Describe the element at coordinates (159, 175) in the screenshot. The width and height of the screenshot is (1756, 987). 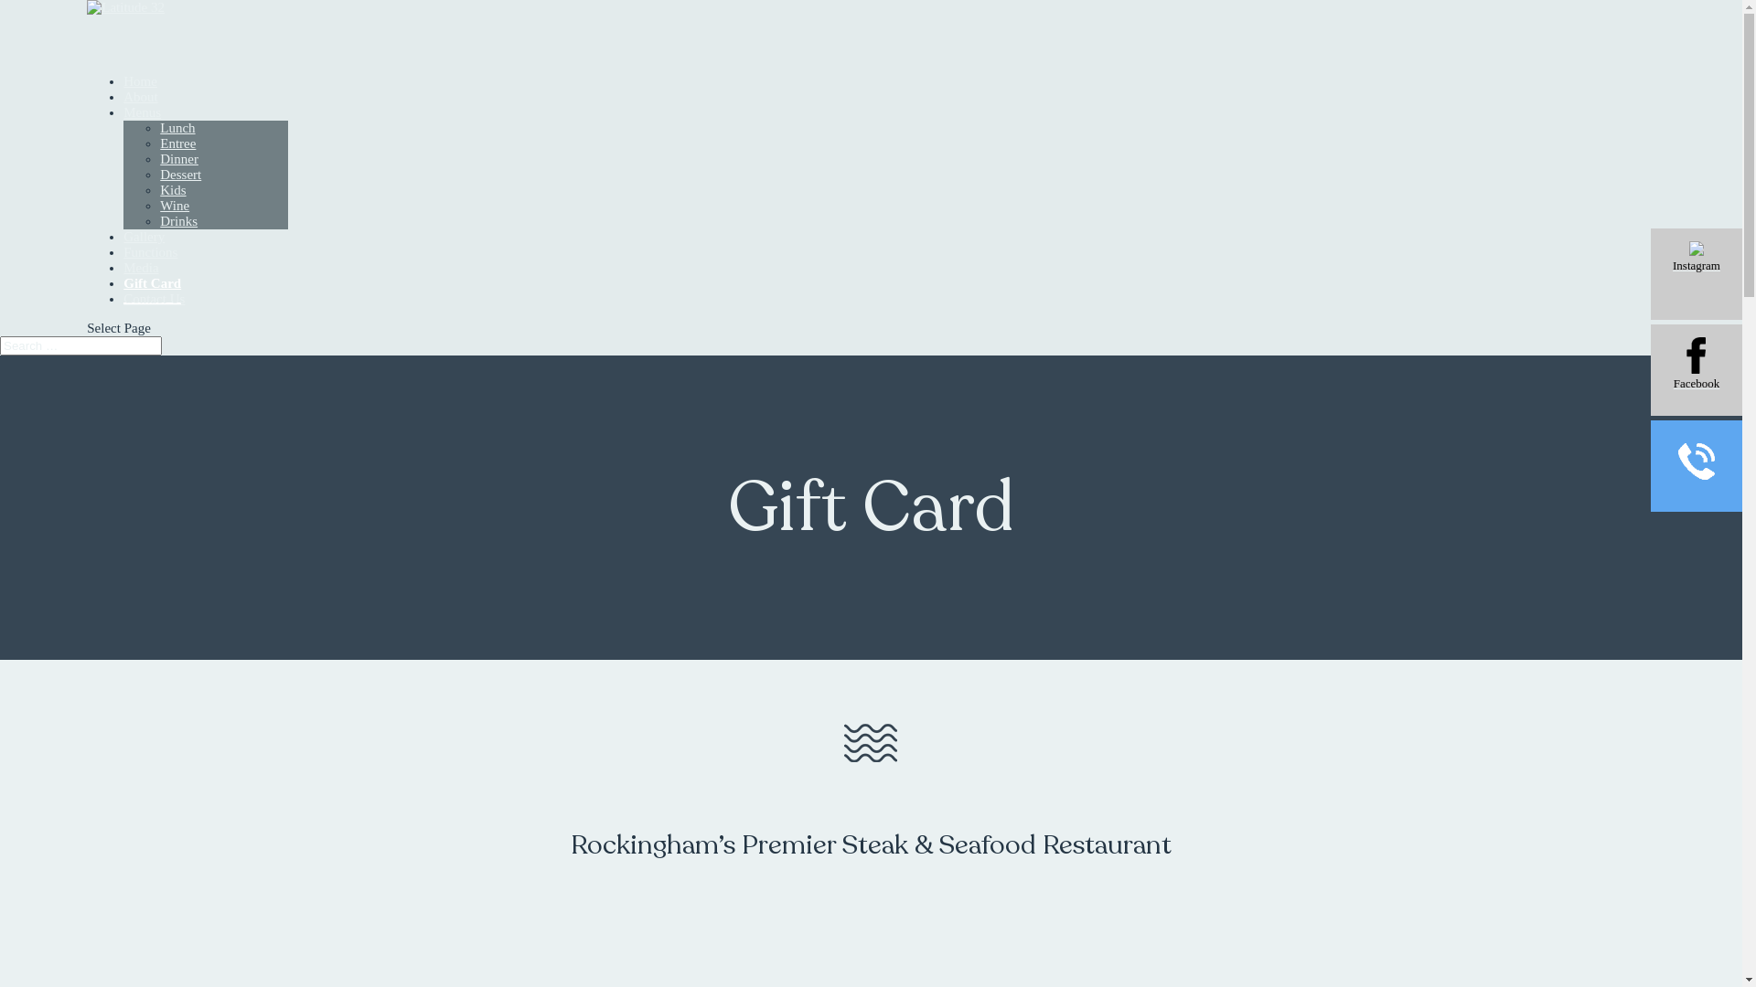
I see `'Dessert'` at that location.